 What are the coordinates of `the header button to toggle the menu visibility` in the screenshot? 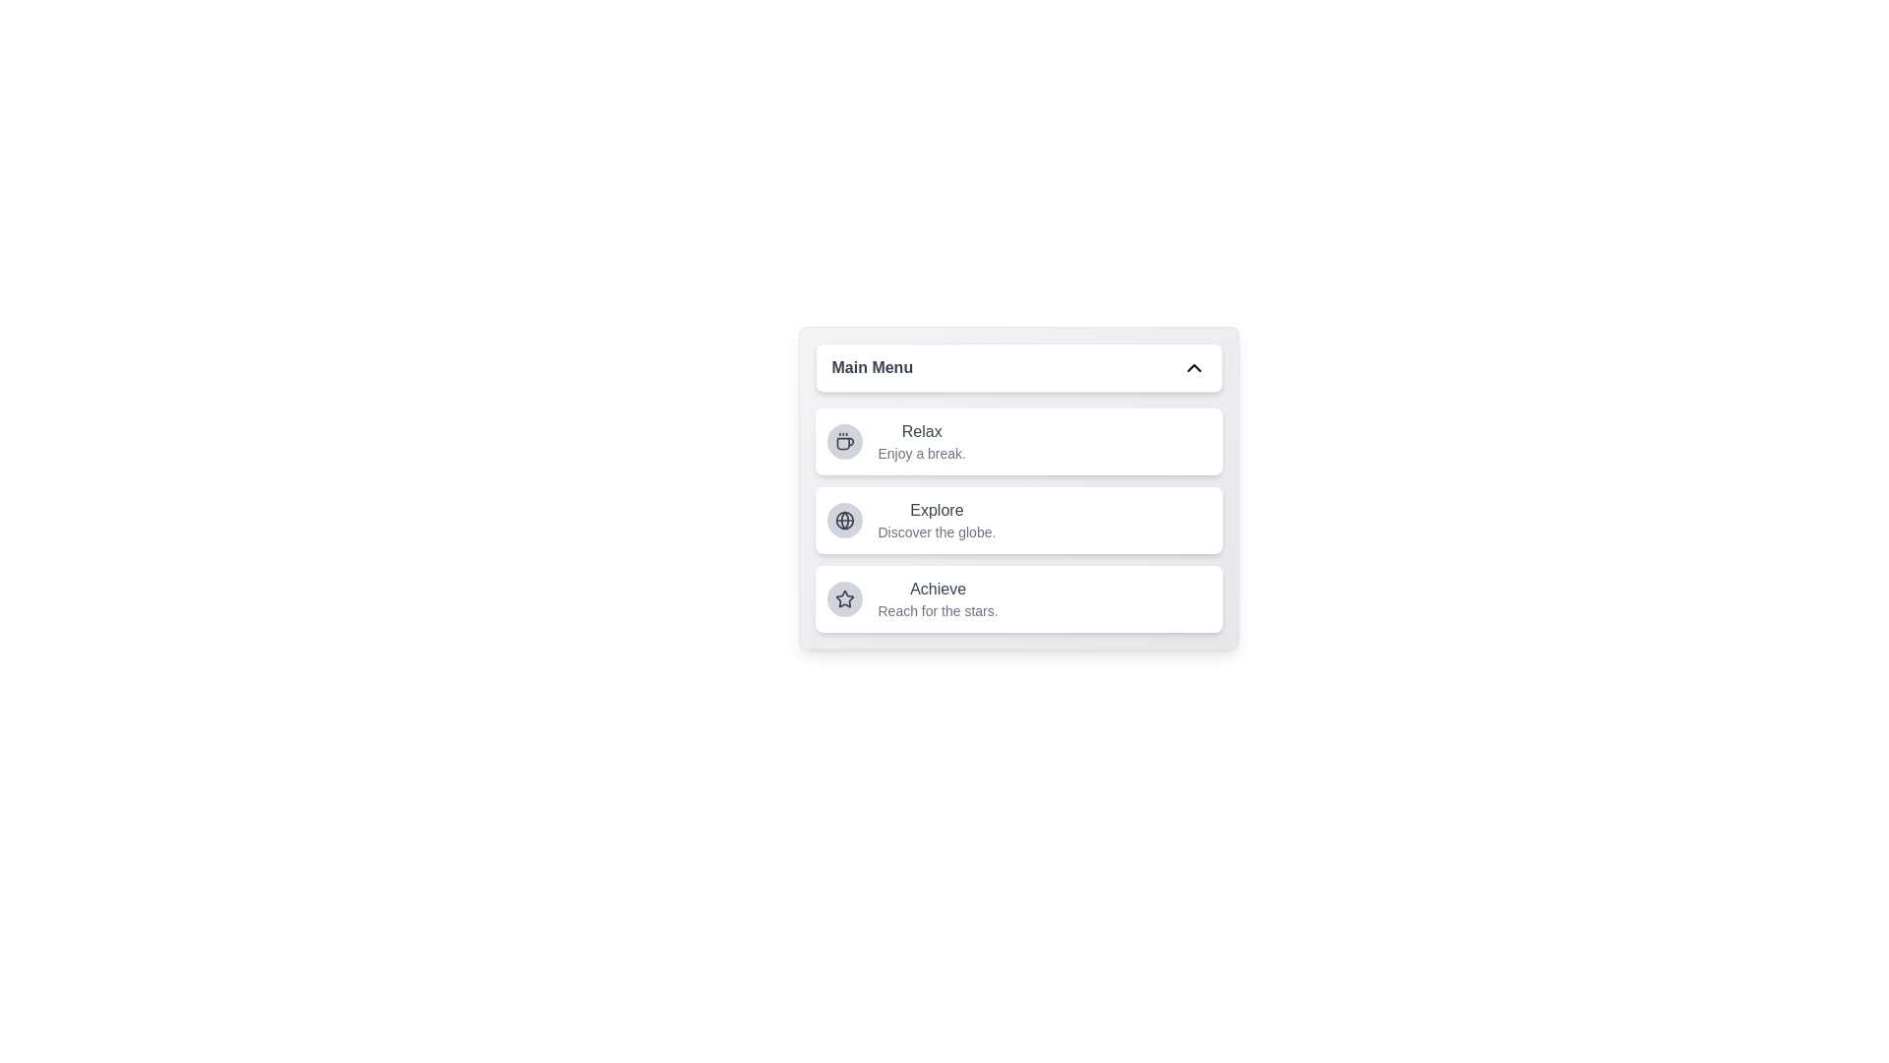 It's located at (1018, 368).